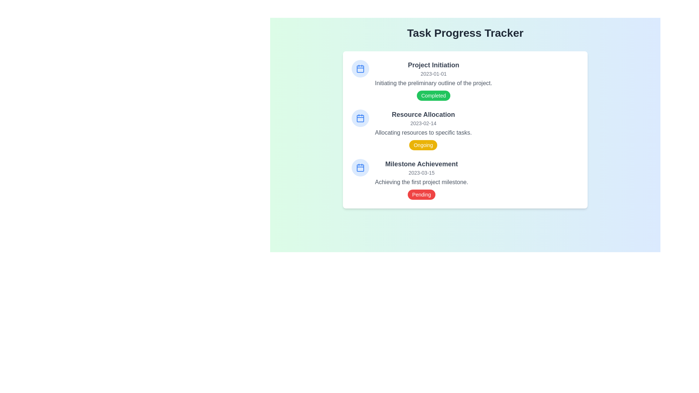 The height and width of the screenshot is (393, 699). What do you see at coordinates (465, 130) in the screenshot?
I see `the Task Entry Display, which is the second task entry in the list, summarizing a specific task's details and status` at bounding box center [465, 130].